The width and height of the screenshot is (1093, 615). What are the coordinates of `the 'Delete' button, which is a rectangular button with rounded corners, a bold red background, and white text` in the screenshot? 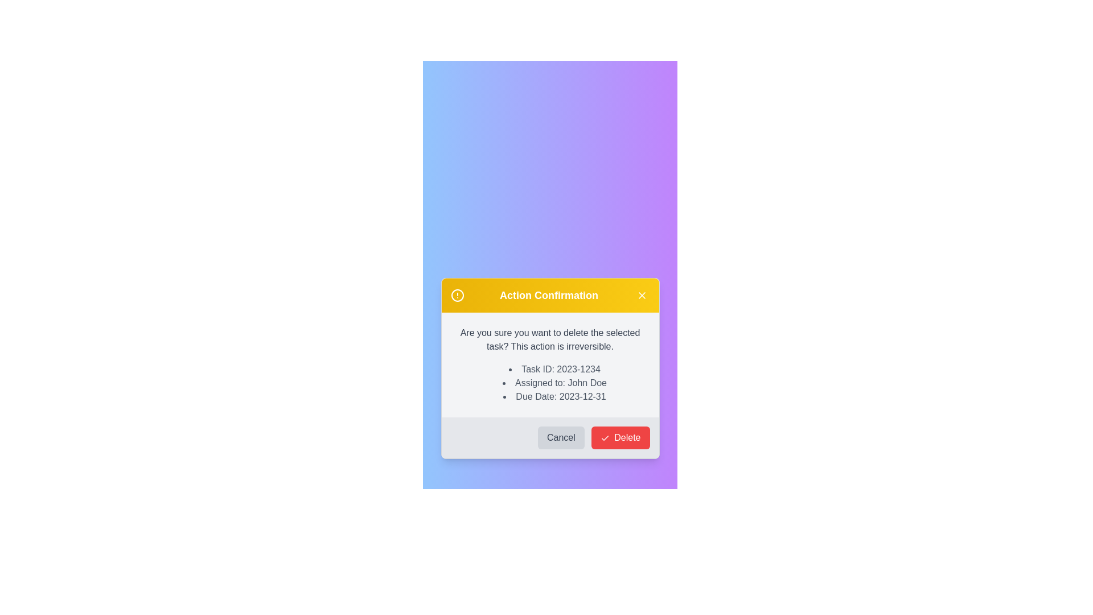 It's located at (619, 437).